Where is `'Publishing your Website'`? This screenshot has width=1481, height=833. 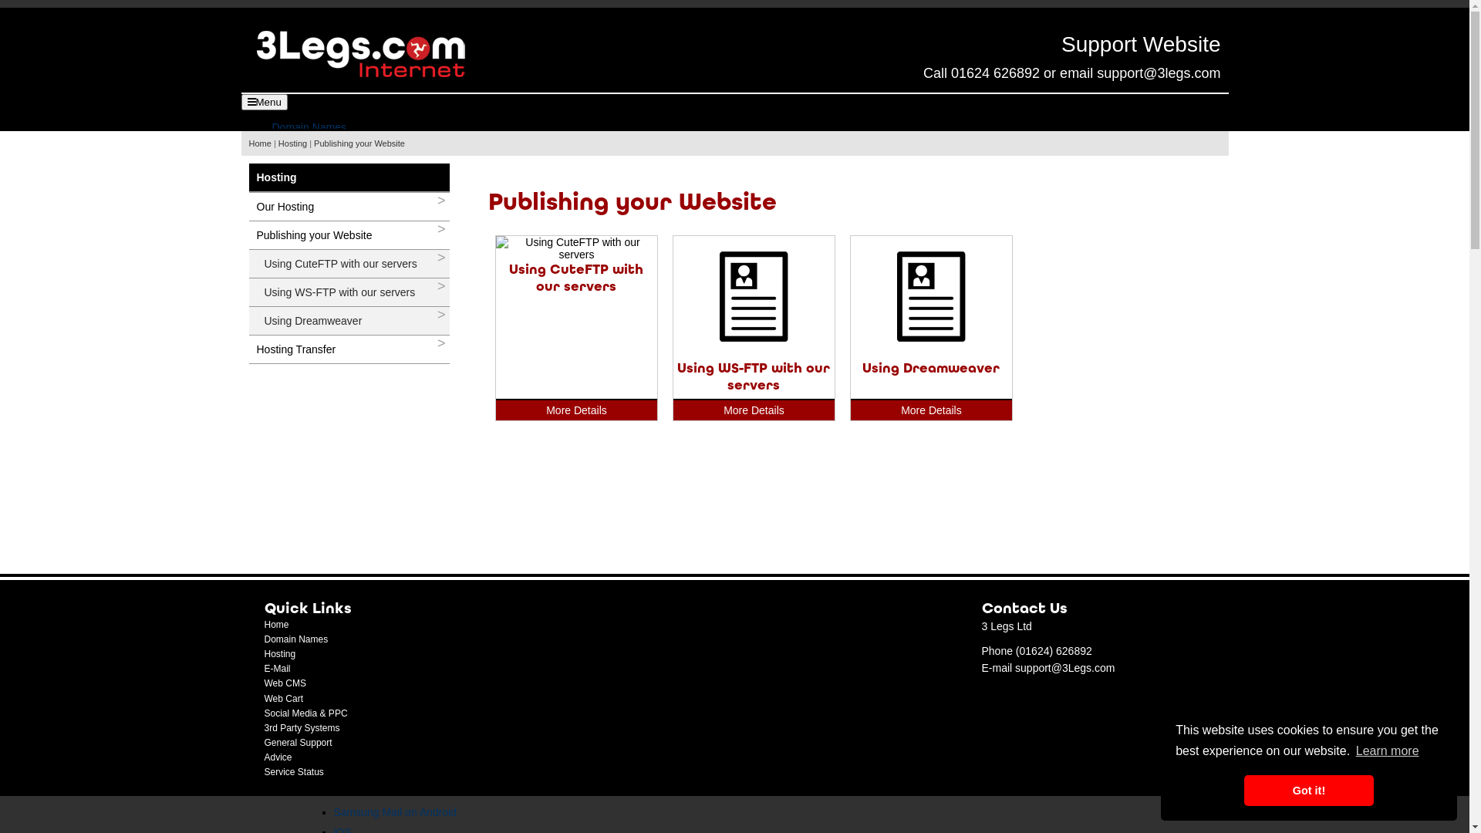
'Publishing your Website' is located at coordinates (248, 234).